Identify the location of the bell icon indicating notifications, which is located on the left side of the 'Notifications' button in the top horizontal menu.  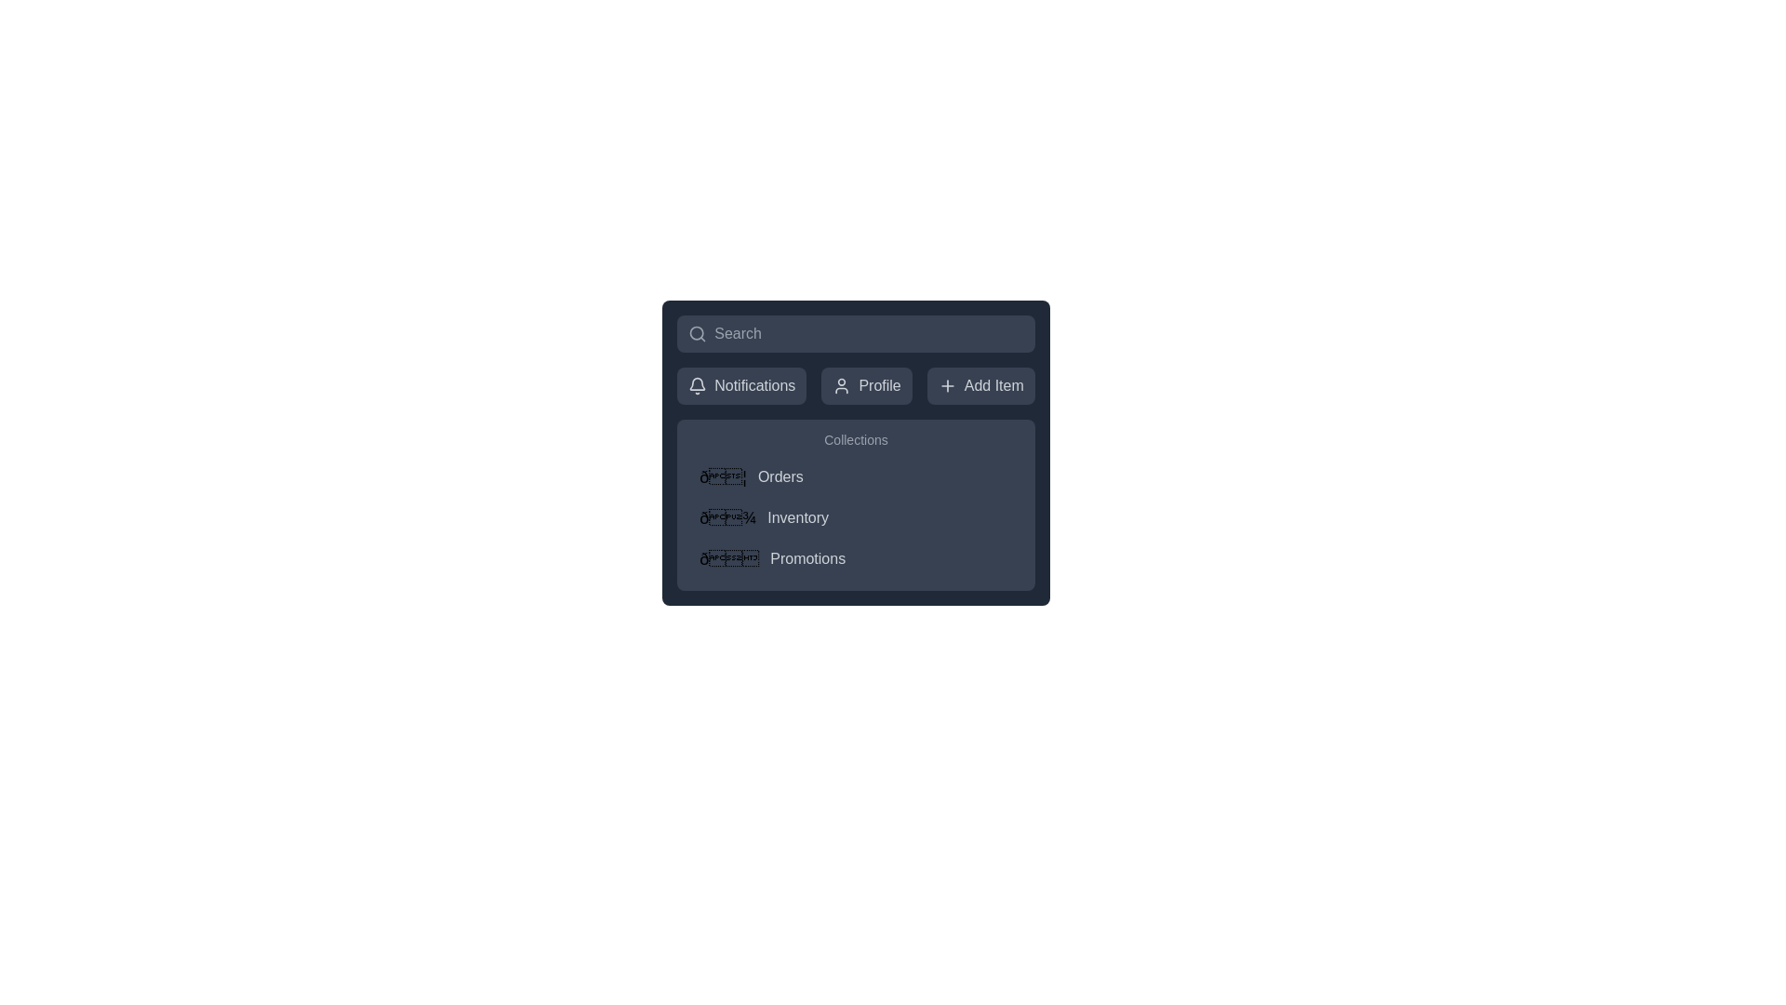
(697, 385).